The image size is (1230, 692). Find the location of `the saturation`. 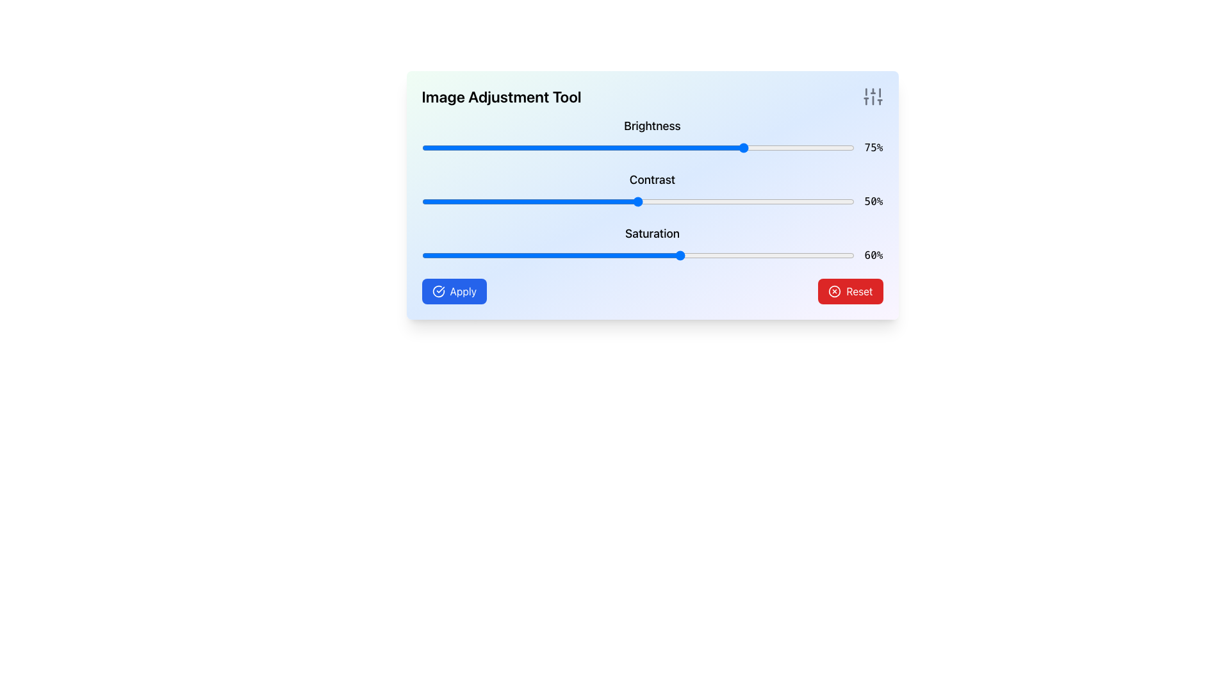

the saturation is located at coordinates (607, 255).